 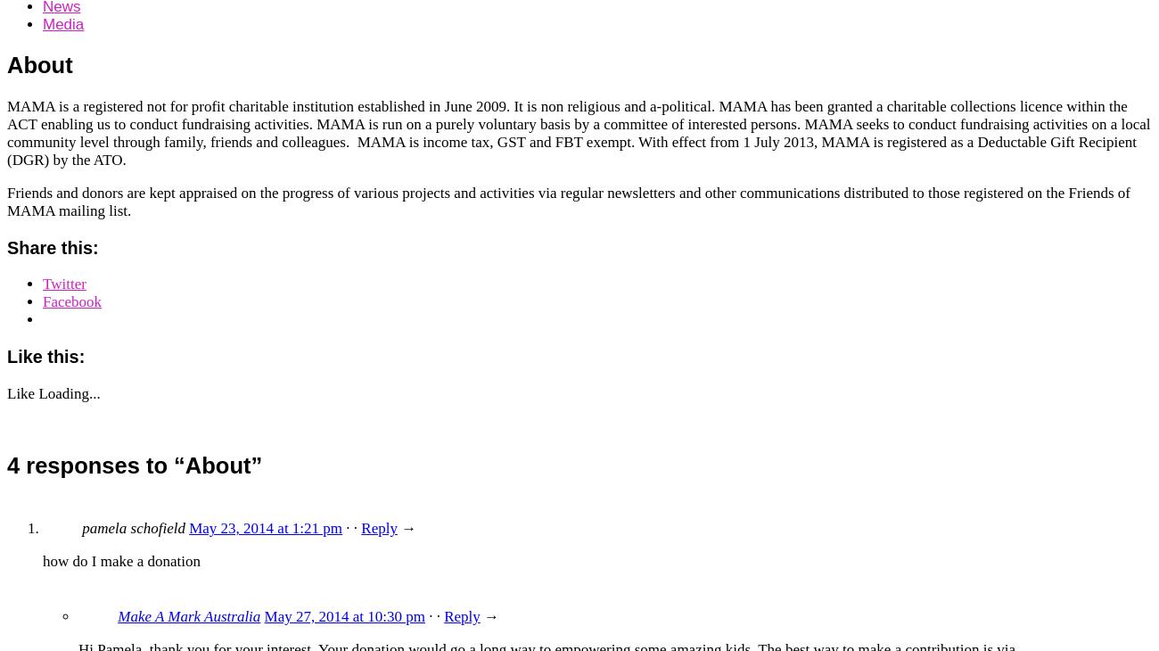 What do you see at coordinates (69, 392) in the screenshot?
I see `'Loading...'` at bounding box center [69, 392].